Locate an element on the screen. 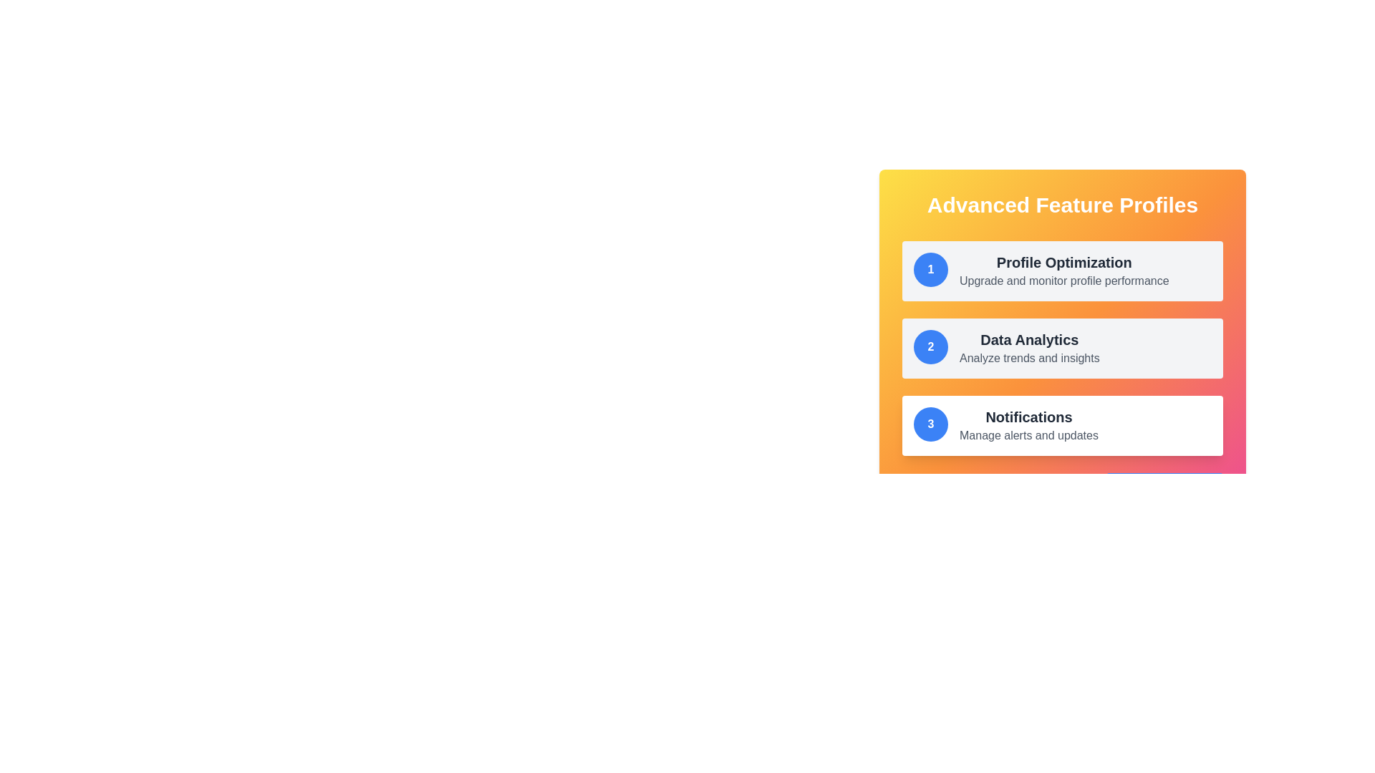 Image resolution: width=1375 pixels, height=773 pixels. the first icon representing the 'Profile Optimization' feature, which serves as a numerical indicator marking the first item in the list of advanced feature profiles is located at coordinates (931, 270).